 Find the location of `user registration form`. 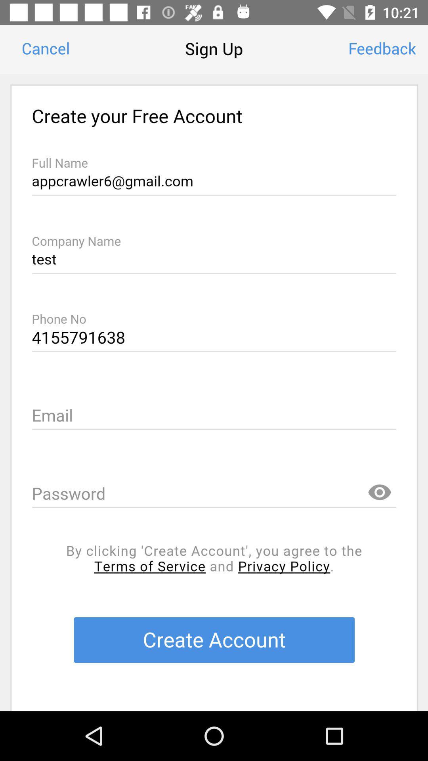

user registration form is located at coordinates (214, 392).